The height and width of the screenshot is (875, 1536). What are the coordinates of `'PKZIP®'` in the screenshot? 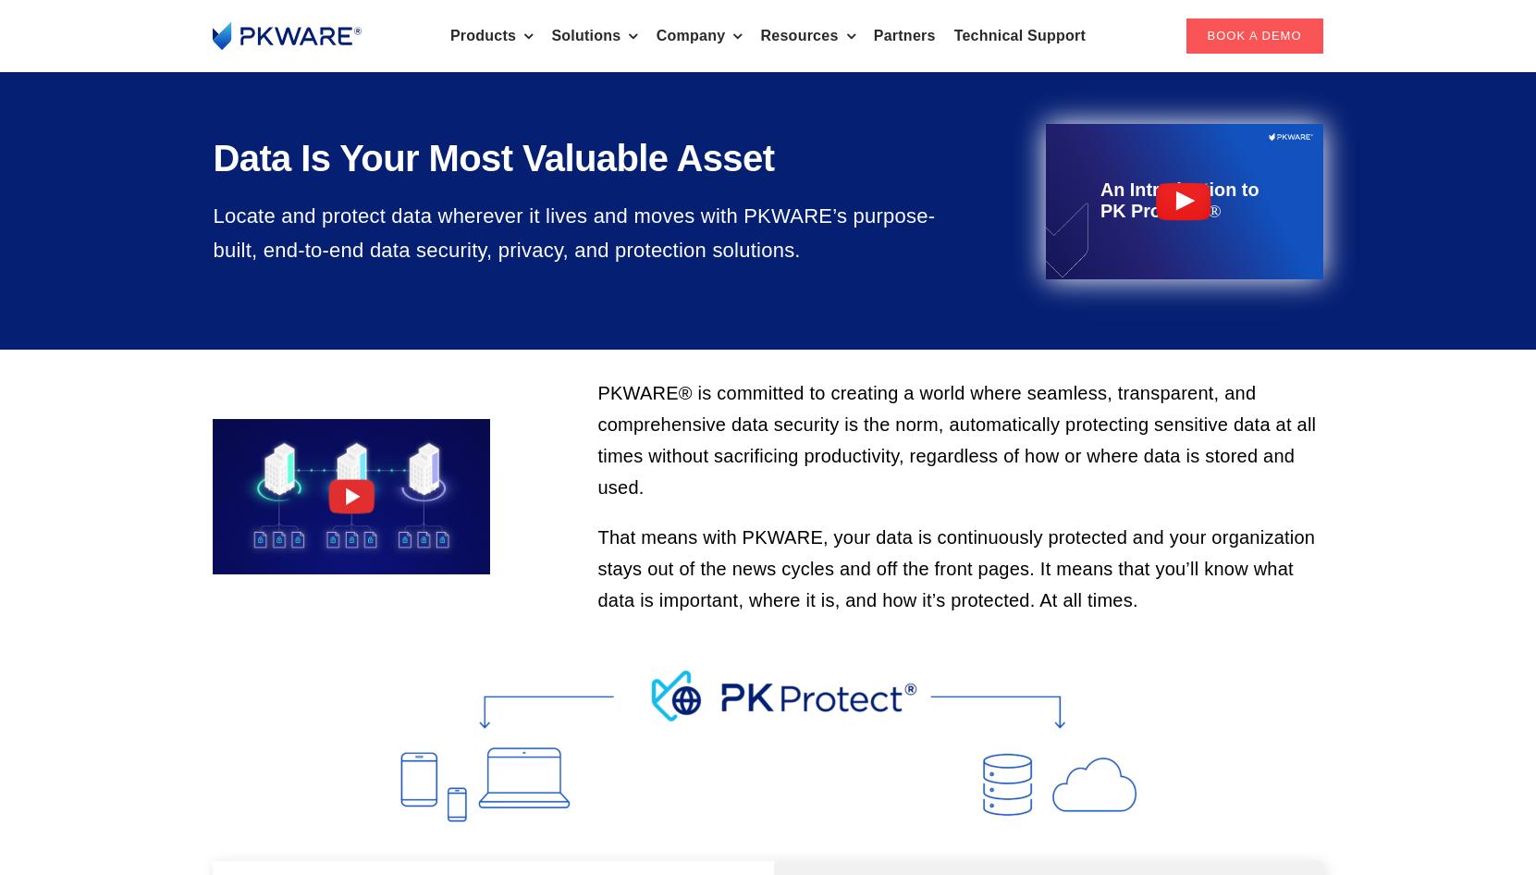 It's located at (995, 194).